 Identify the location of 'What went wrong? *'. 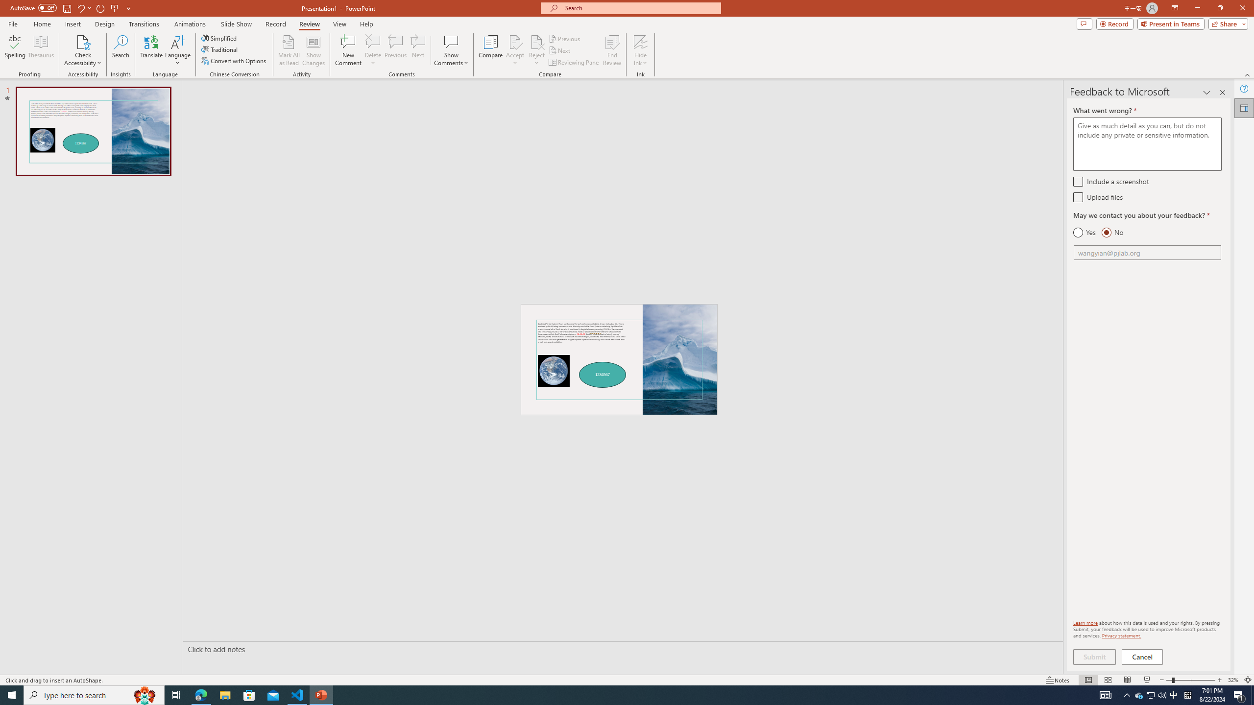
(1147, 144).